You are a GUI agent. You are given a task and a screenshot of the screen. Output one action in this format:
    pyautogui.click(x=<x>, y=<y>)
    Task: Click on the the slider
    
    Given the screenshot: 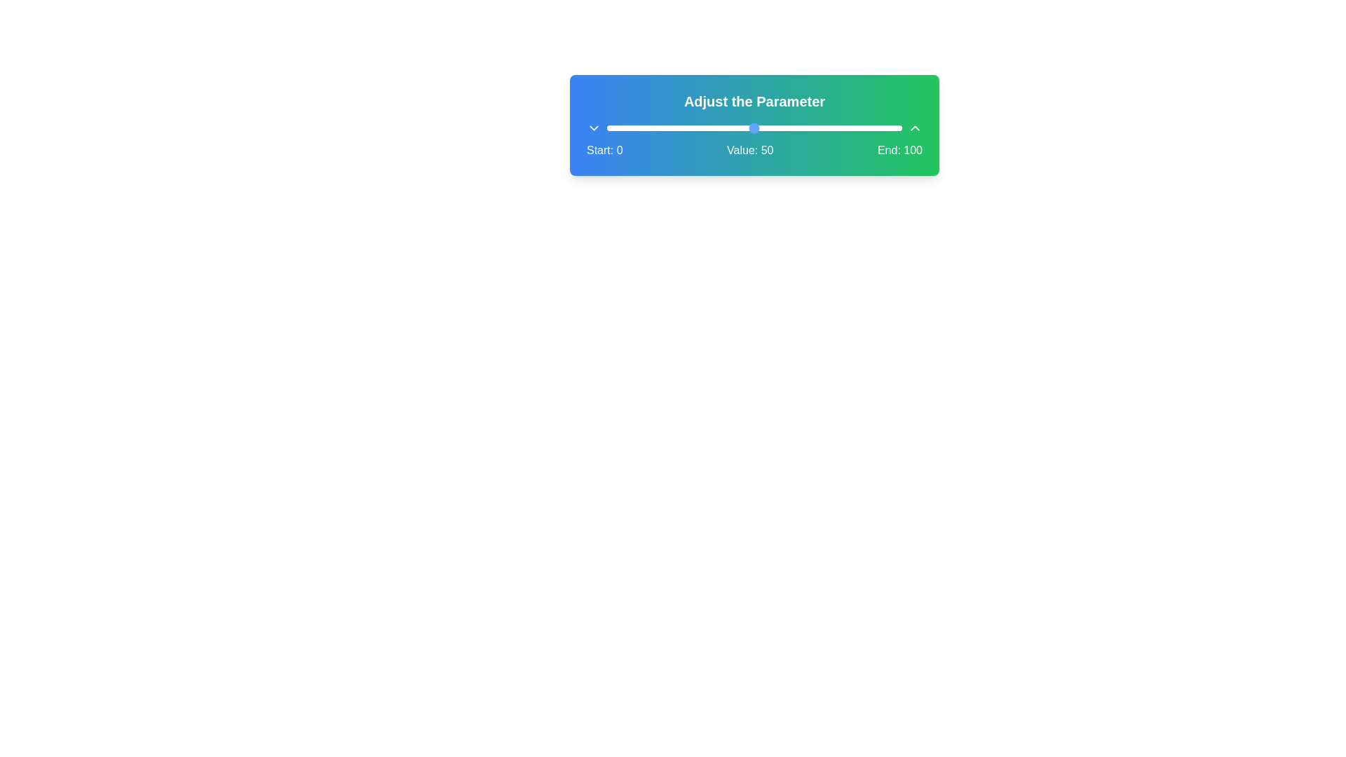 What is the action you would take?
    pyautogui.click(x=793, y=128)
    